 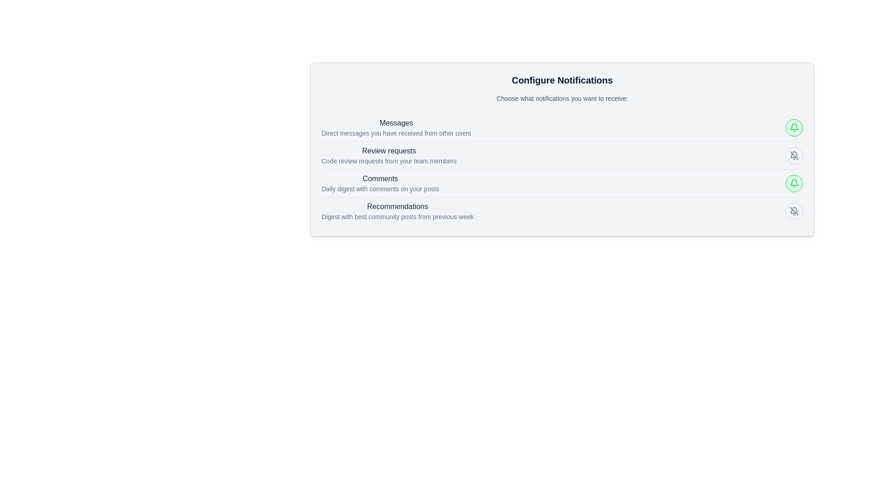 I want to click on the bell icon button for disabling notifications, located in the top-right section of the notification configuration card next to the 'Messages' option, so click(x=793, y=183).